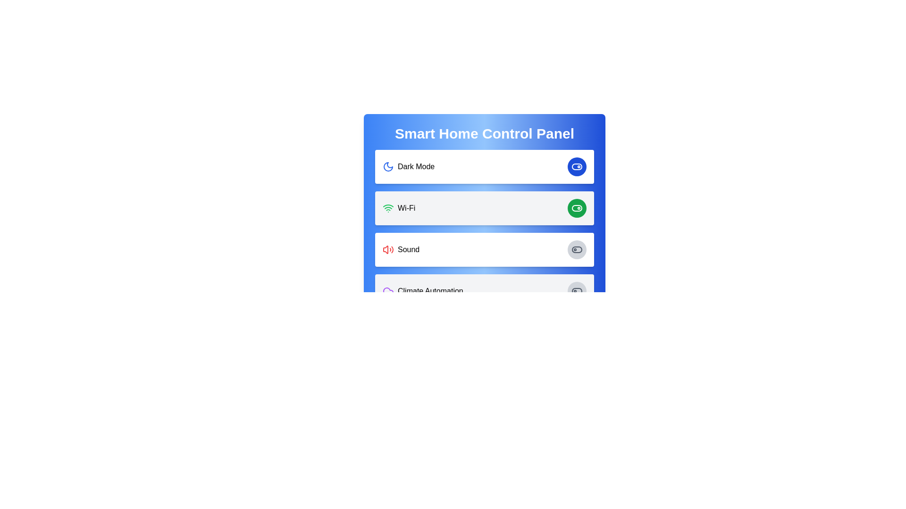 Image resolution: width=906 pixels, height=509 pixels. Describe the element at coordinates (399, 208) in the screenshot. I see `the Wi-Fi option icon and label pair in the smart home control panel, which is positioned to the left of the green circular toggle button` at that location.